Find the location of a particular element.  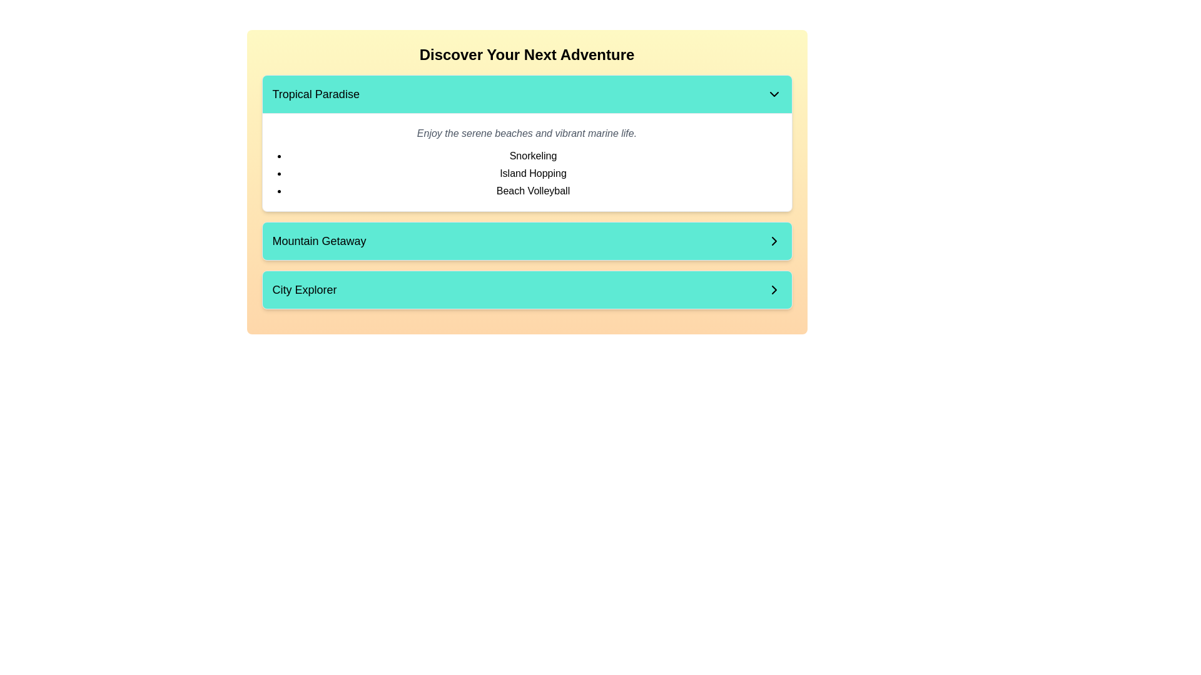

the 'Mountain Getaway' button is located at coordinates (527, 241).